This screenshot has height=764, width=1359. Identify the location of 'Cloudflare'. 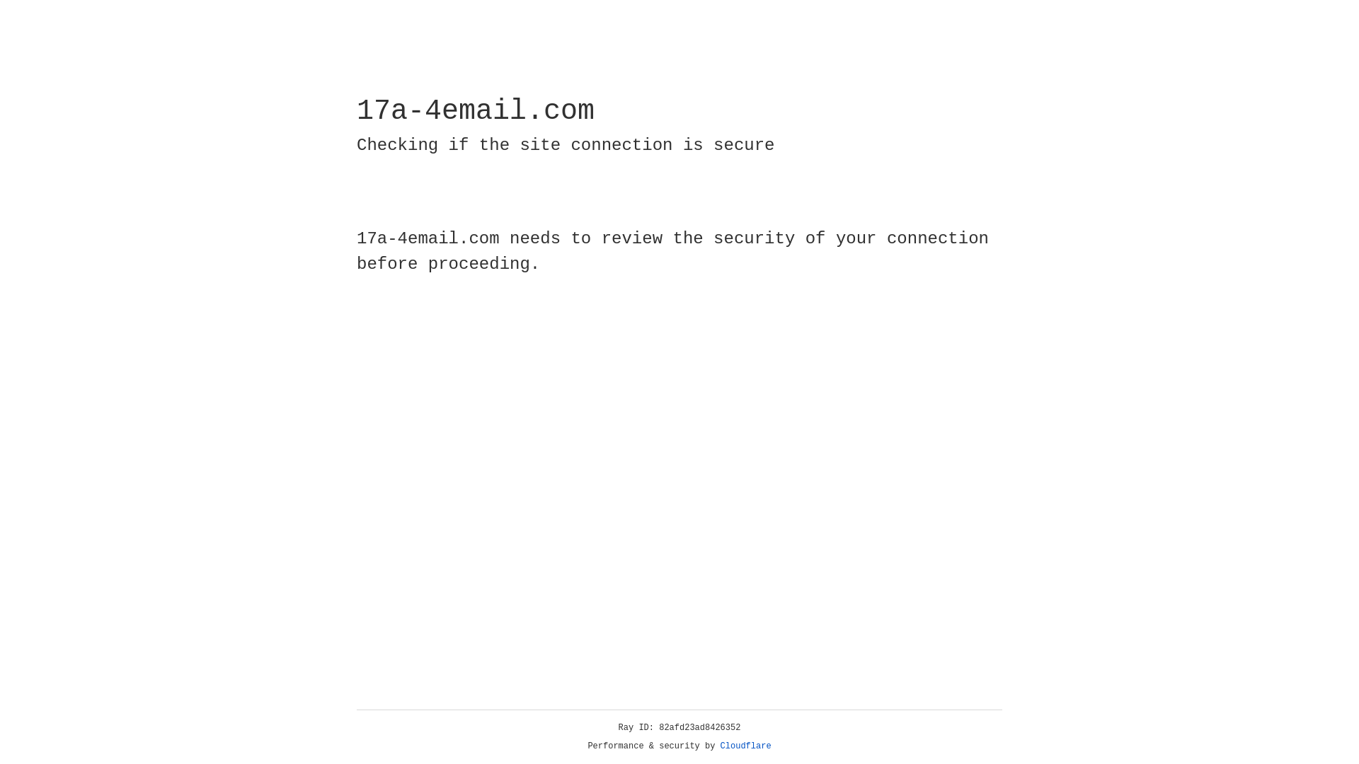
(745, 746).